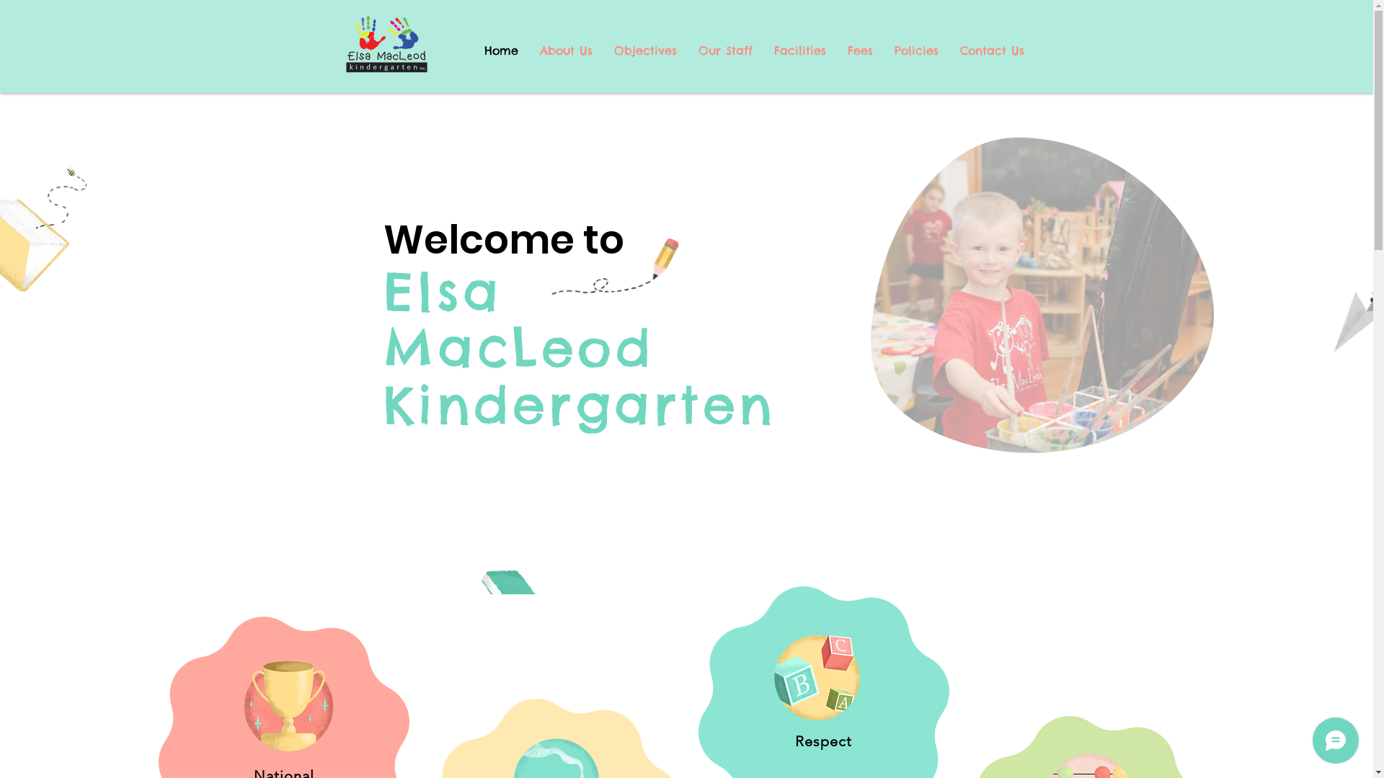 This screenshot has height=778, width=1384. Describe the element at coordinates (602, 50) in the screenshot. I see `'Objectives'` at that location.